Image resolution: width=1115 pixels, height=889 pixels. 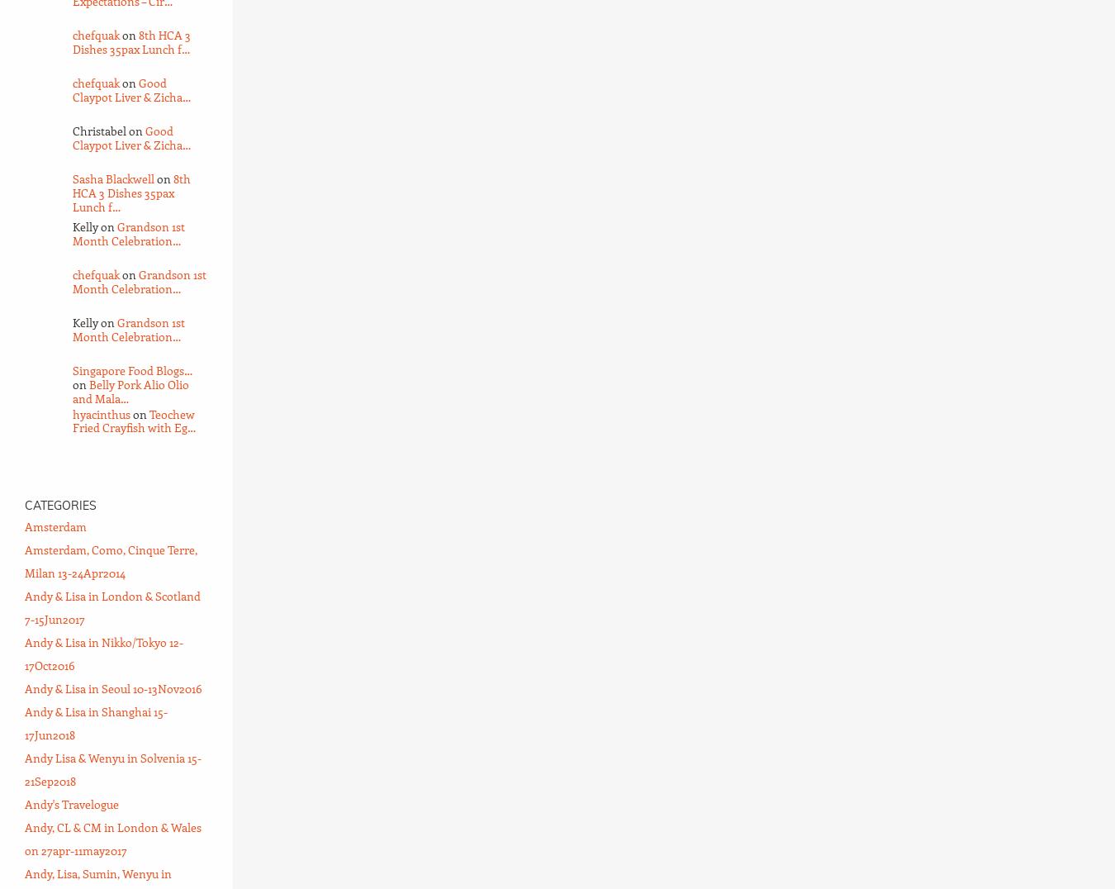 What do you see at coordinates (101, 413) in the screenshot?
I see `'hyacinthus'` at bounding box center [101, 413].